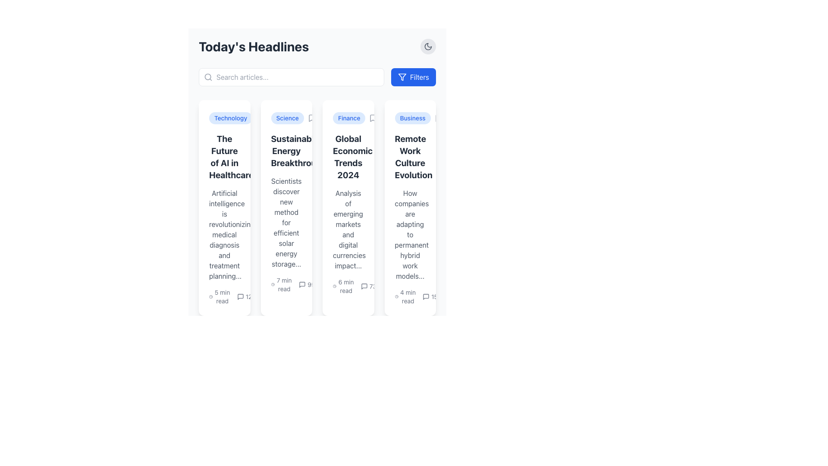  Describe the element at coordinates (287, 118) in the screenshot. I see `the 'Science' label located at the top of the card titled 'Sustainable Energy Breakthrough' in the second column of the grid layout` at that location.